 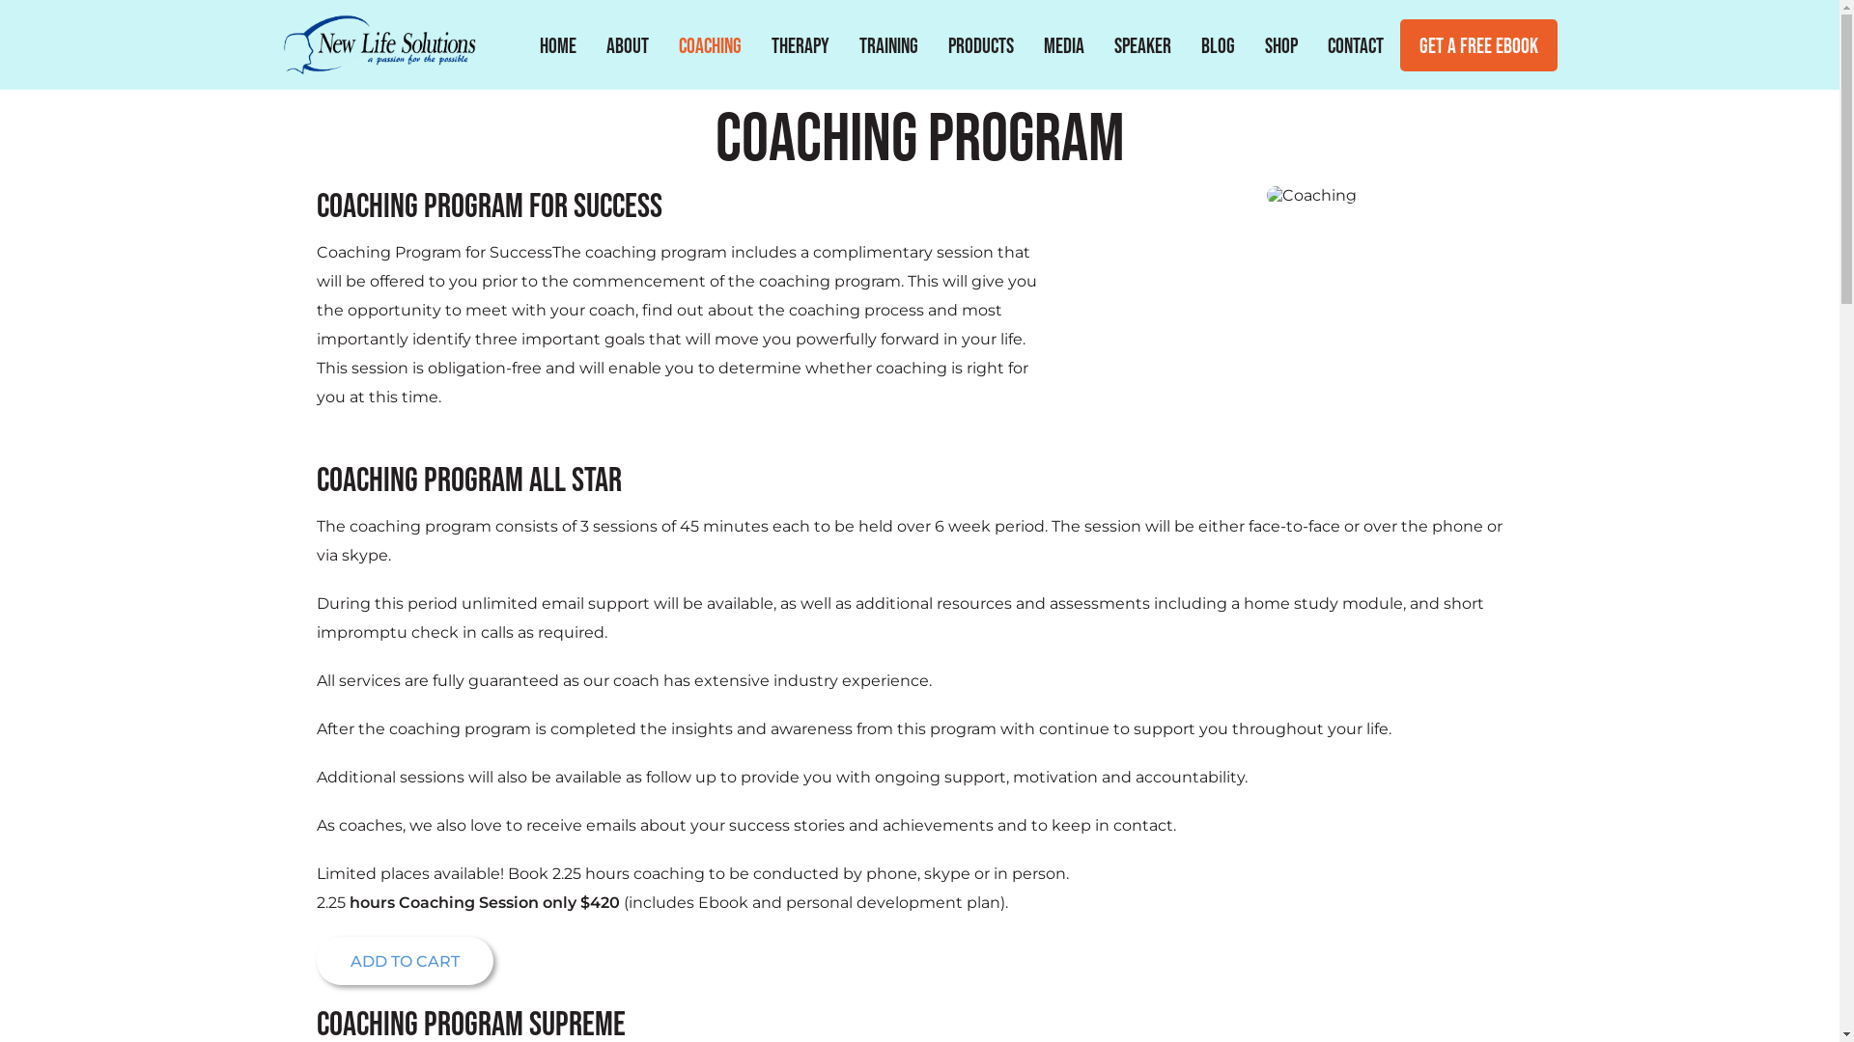 What do you see at coordinates (801, 43) in the screenshot?
I see `'THERAPY'` at bounding box center [801, 43].